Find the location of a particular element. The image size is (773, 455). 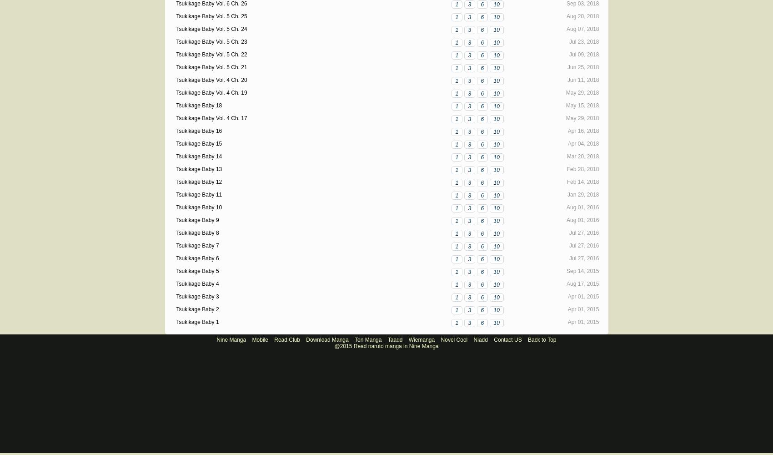

'Mobile' is located at coordinates (259, 339).